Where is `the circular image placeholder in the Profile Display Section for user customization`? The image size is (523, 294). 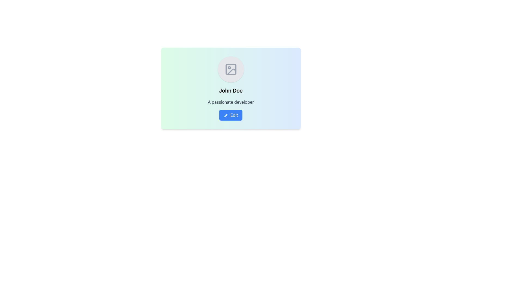 the circular image placeholder in the Profile Display Section for user customization is located at coordinates (231, 81).